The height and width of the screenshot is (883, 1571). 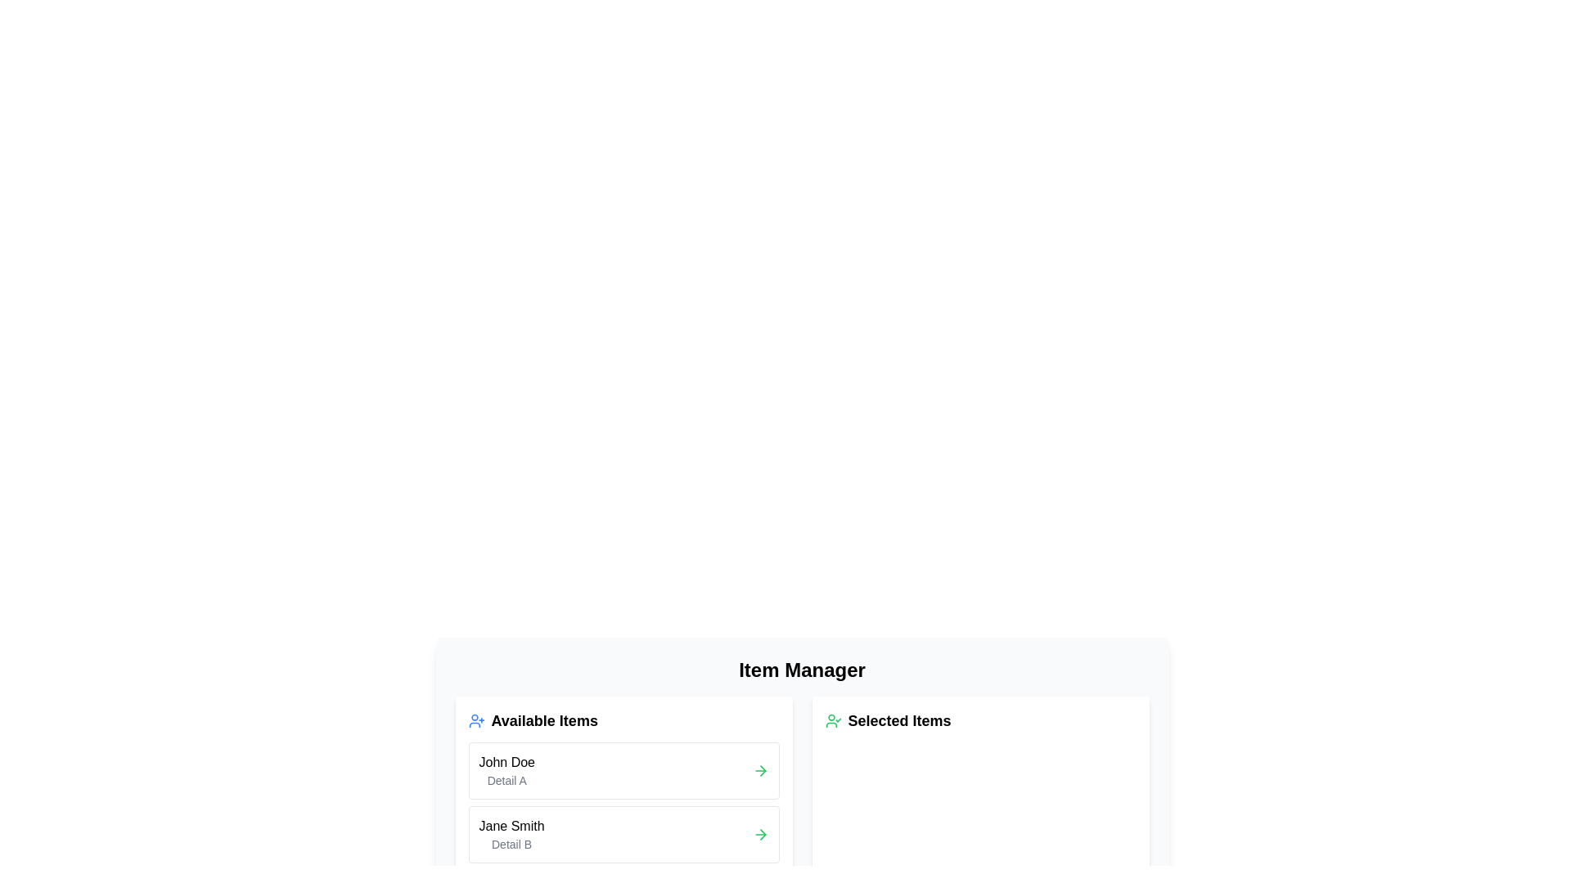 What do you see at coordinates (511, 826) in the screenshot?
I see `the text label 'Jane Smith' located at the top of the second card in the 'Available Items' section` at bounding box center [511, 826].